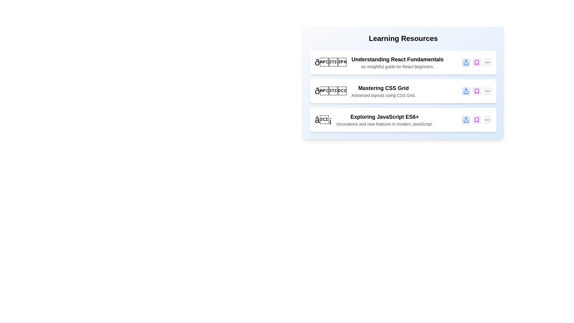 This screenshot has height=323, width=574. Describe the element at coordinates (476, 91) in the screenshot. I see `bookmark button for the item titled 'Mastering CSS Grid'` at that location.